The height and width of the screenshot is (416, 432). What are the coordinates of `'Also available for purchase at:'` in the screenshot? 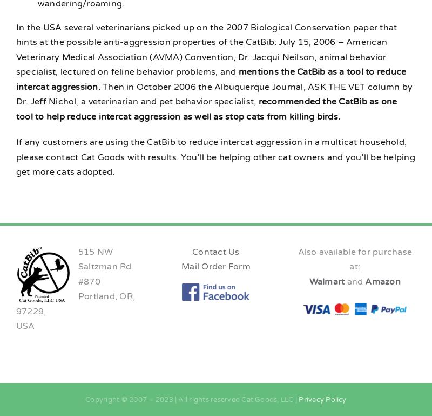 It's located at (297, 259).